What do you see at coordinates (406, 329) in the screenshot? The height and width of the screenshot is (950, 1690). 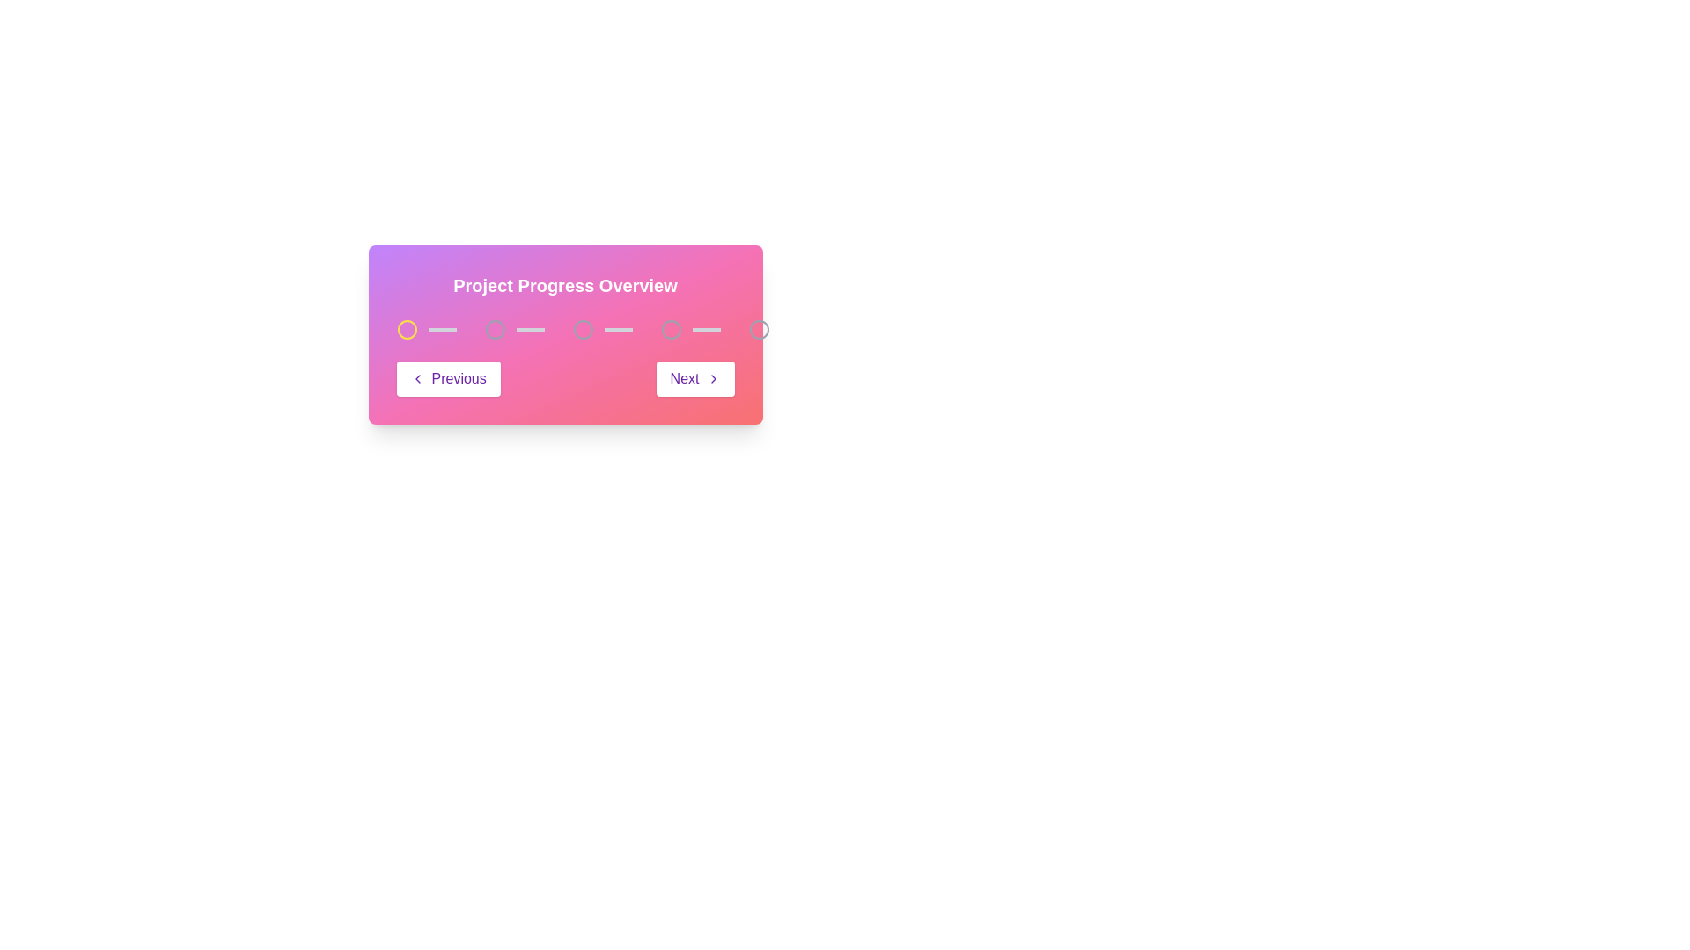 I see `the first yellow circular progress indicator in the 'Project Progress Overview' section to advance stages and observe changes` at bounding box center [406, 329].